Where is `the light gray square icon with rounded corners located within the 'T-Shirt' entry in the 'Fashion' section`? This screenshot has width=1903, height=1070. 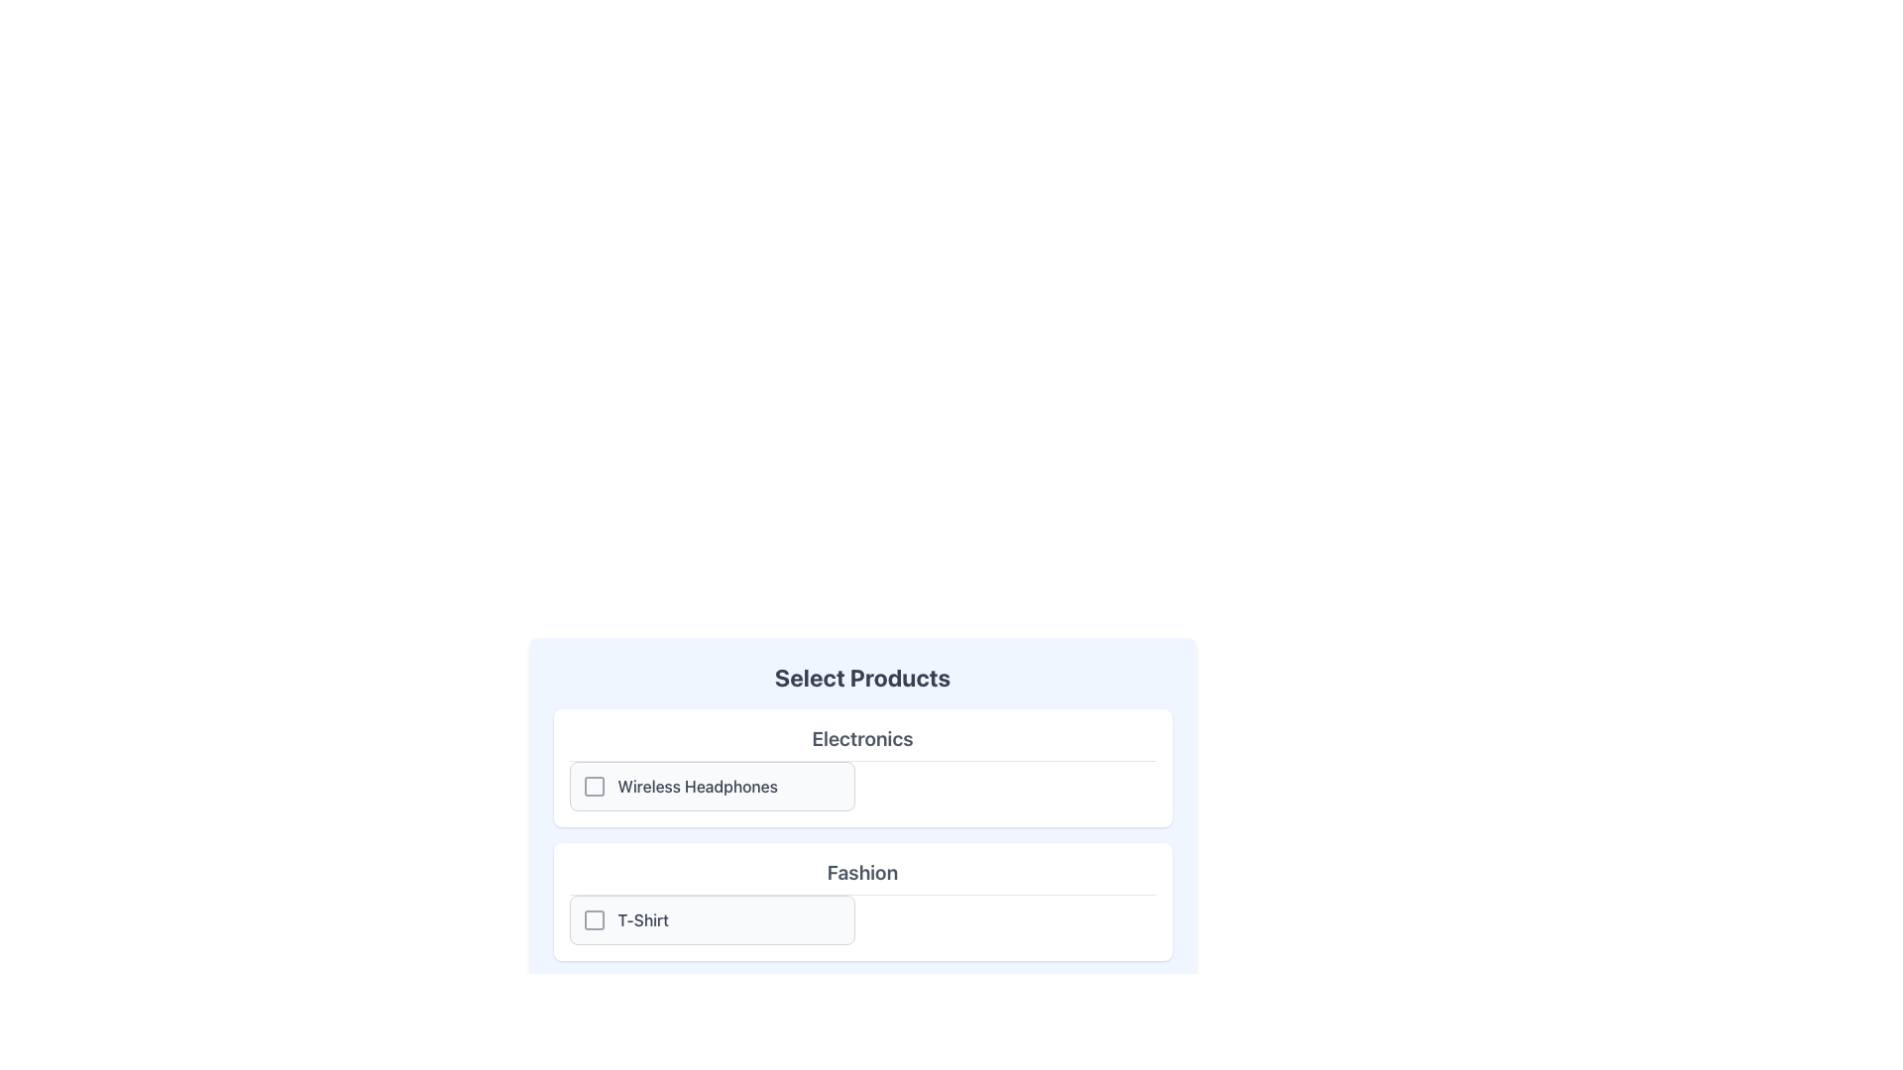 the light gray square icon with rounded corners located within the 'T-Shirt' entry in the 'Fashion' section is located at coordinates (593, 920).